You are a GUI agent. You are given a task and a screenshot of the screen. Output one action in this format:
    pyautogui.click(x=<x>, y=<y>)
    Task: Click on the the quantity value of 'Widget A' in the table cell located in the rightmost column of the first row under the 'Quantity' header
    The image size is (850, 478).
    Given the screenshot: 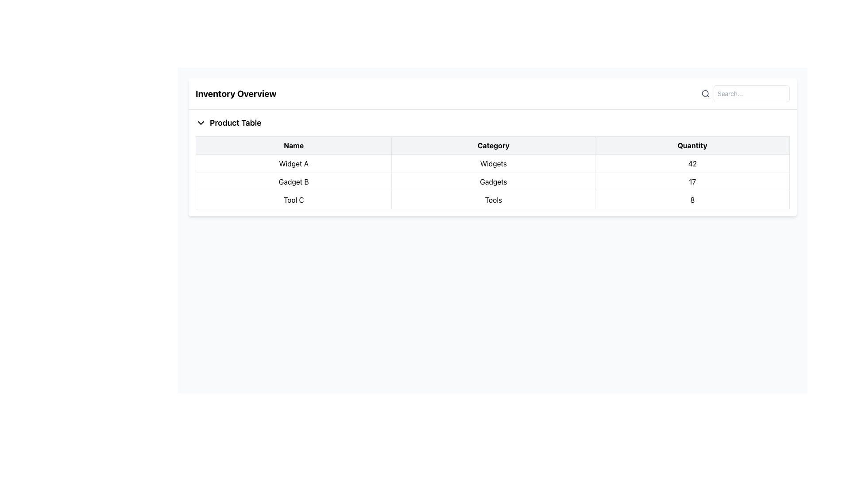 What is the action you would take?
    pyautogui.click(x=692, y=164)
    